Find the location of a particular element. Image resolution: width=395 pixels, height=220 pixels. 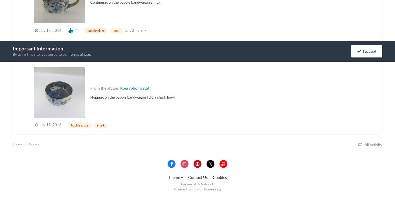

'Hopping on the bubble bandwagon I did a shark bowl.' is located at coordinates (132, 97).